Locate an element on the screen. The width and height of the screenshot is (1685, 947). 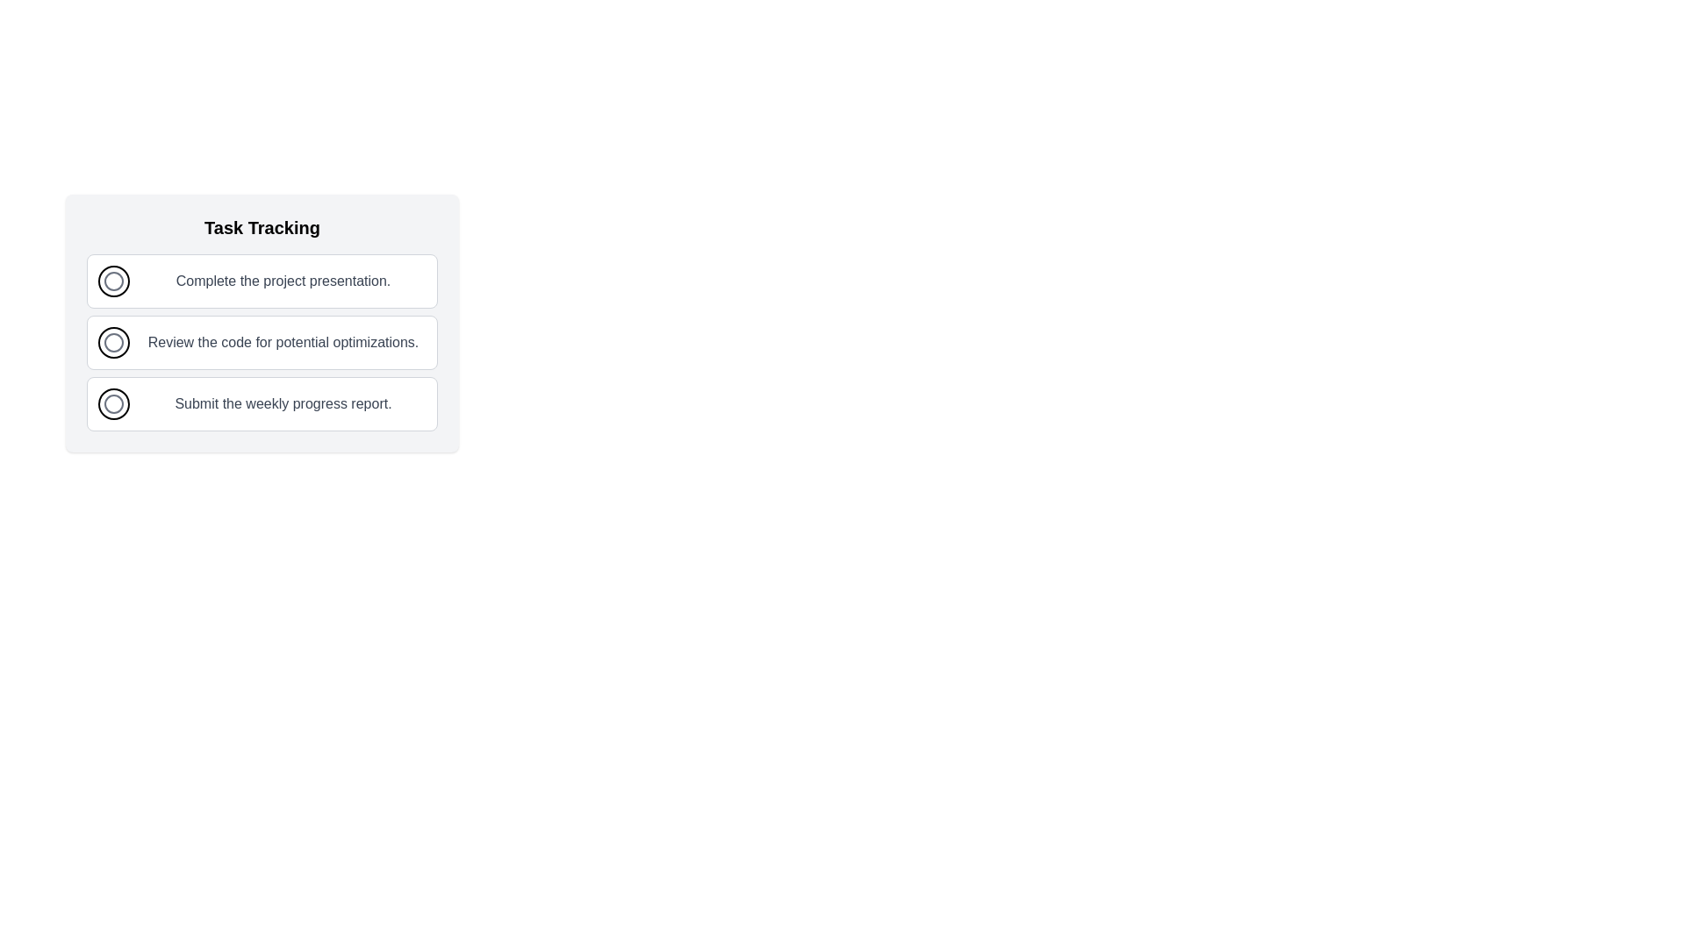
the text label for the first task item in the task list, which is located to the right of its corresponding circular checkbox is located at coordinates (283, 280).